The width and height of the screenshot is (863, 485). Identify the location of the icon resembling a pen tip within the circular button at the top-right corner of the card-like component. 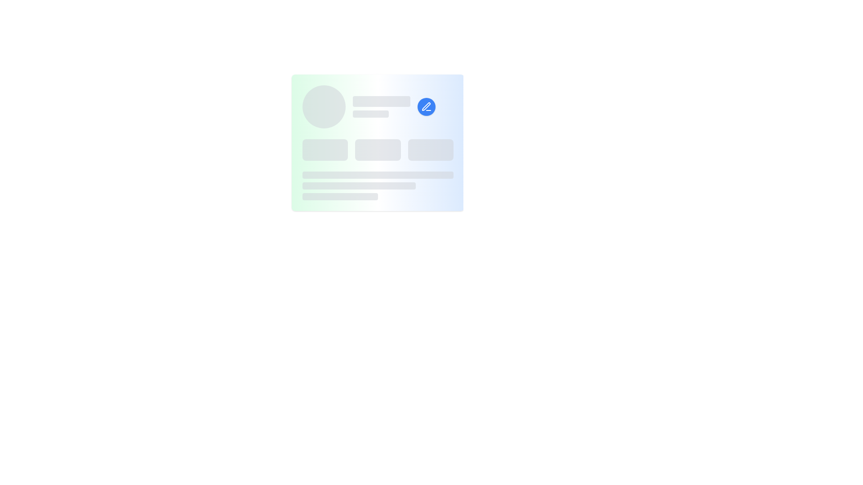
(426, 106).